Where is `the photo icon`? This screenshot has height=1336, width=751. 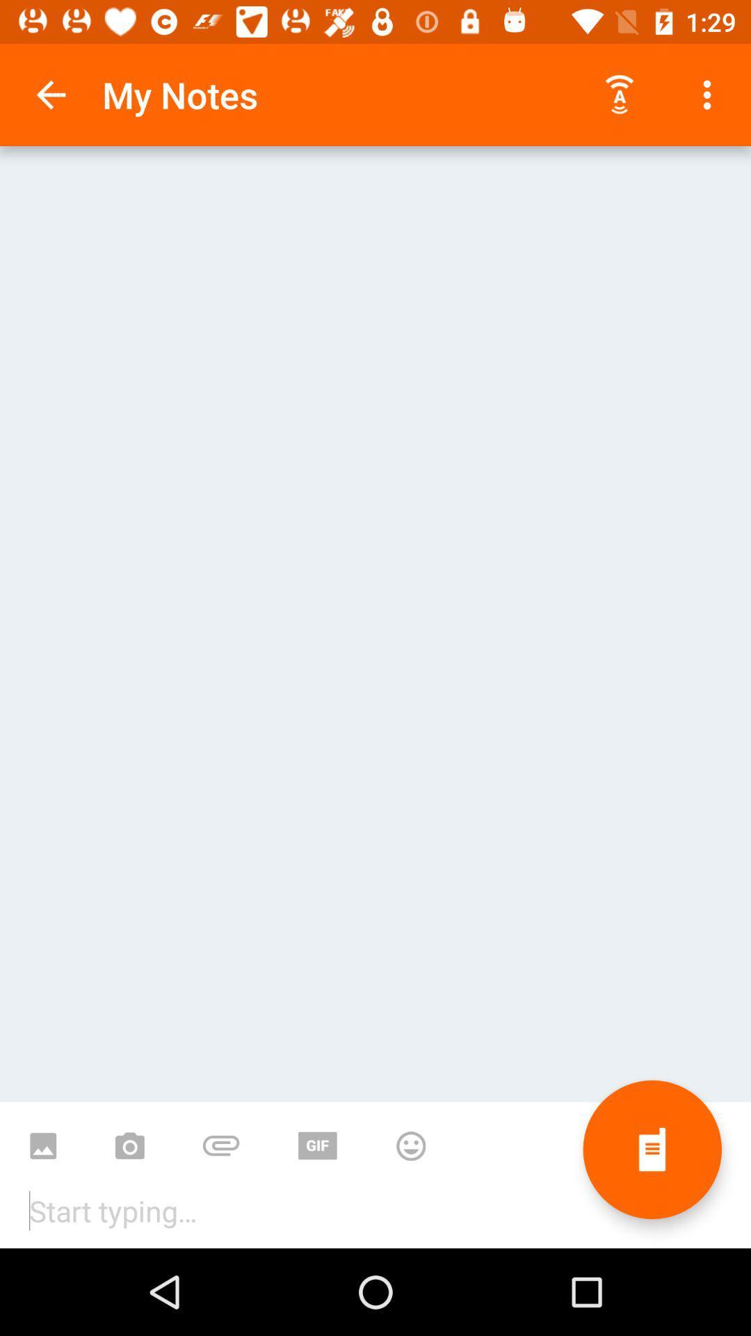
the photo icon is located at coordinates (129, 1136).